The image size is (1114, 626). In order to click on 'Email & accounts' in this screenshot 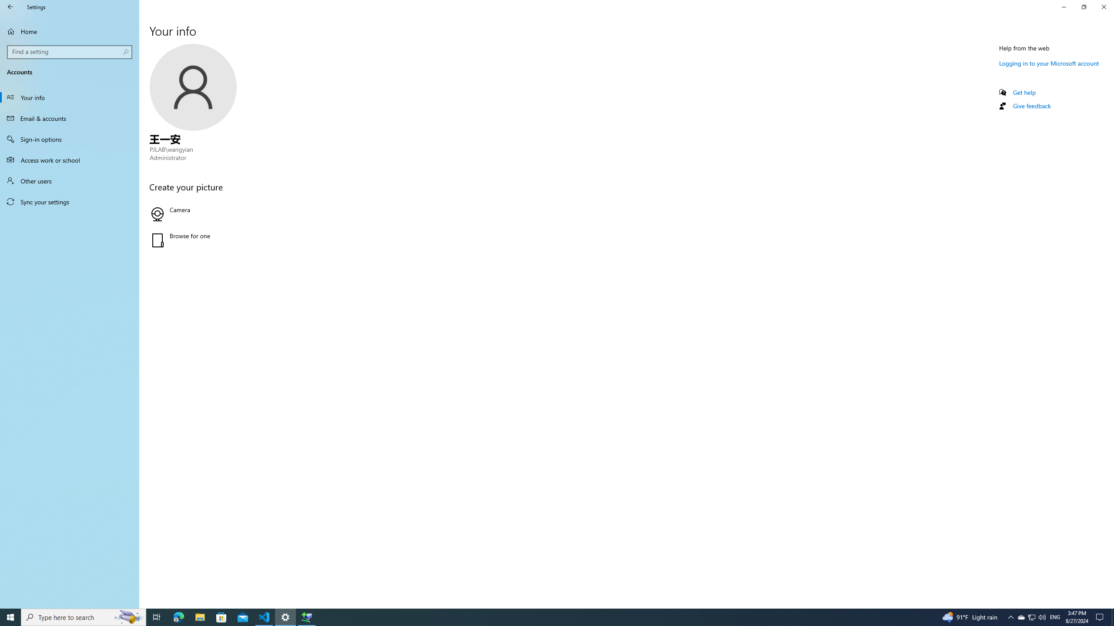, I will do `click(69, 118)`.